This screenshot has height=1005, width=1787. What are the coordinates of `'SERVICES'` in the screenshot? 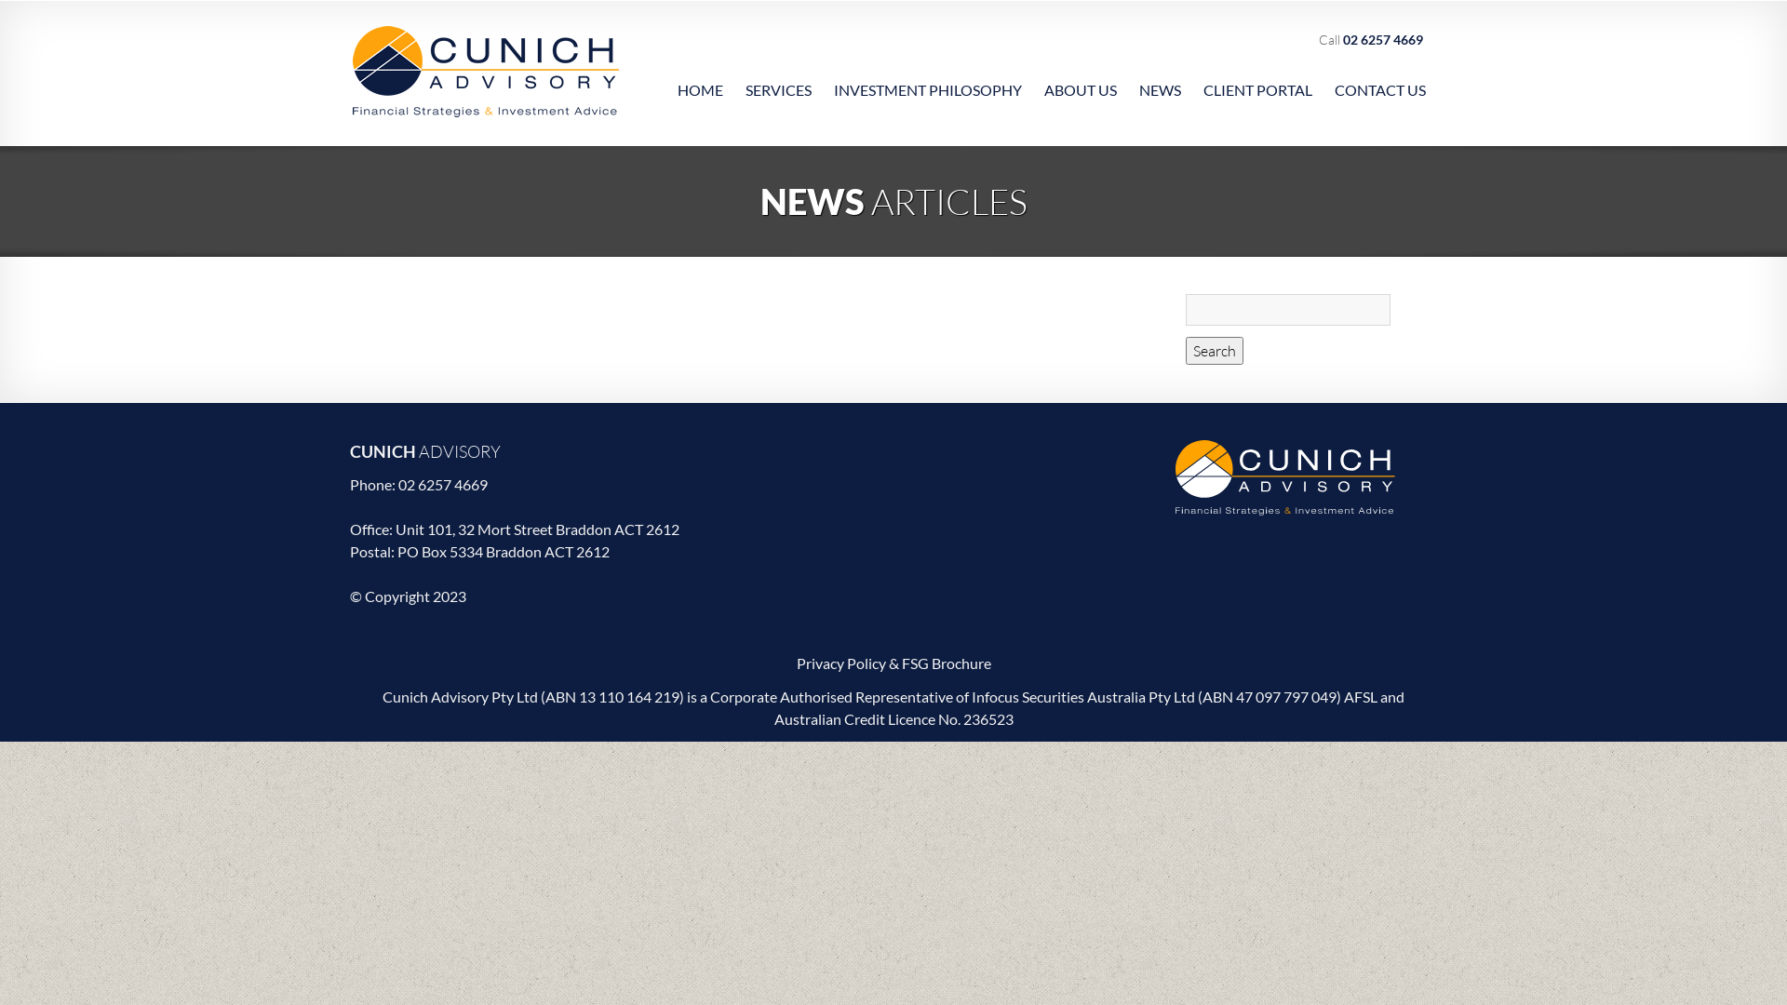 It's located at (778, 76).